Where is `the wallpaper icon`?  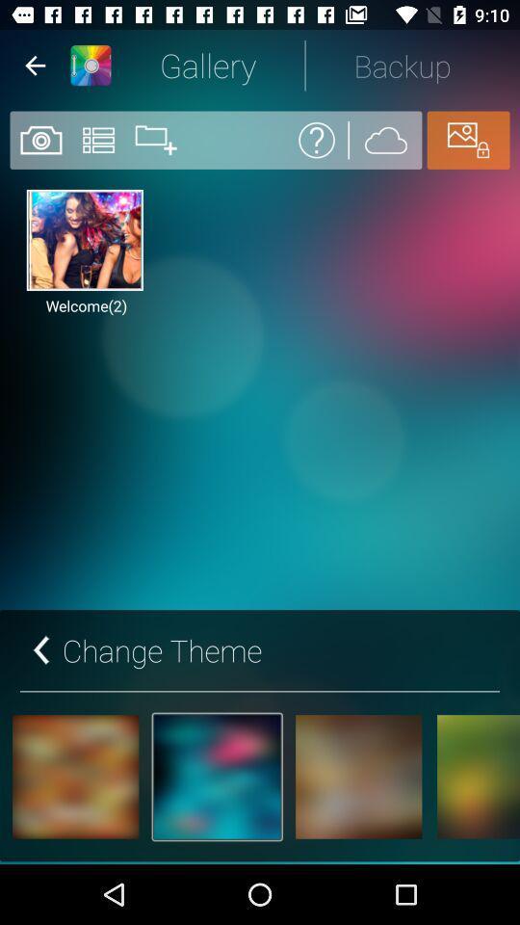 the wallpaper icon is located at coordinates (467, 139).